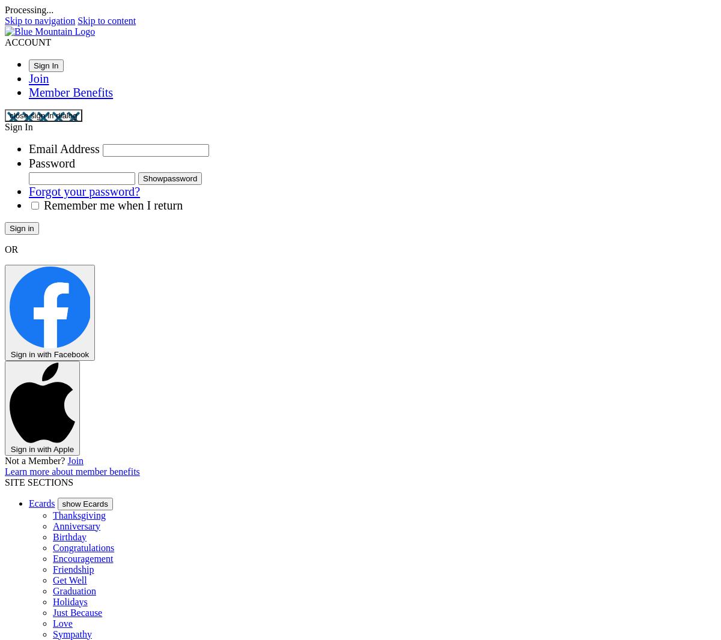 The image size is (721, 640). What do you see at coordinates (5, 41) in the screenshot?
I see `'ACCOUNT'` at bounding box center [5, 41].